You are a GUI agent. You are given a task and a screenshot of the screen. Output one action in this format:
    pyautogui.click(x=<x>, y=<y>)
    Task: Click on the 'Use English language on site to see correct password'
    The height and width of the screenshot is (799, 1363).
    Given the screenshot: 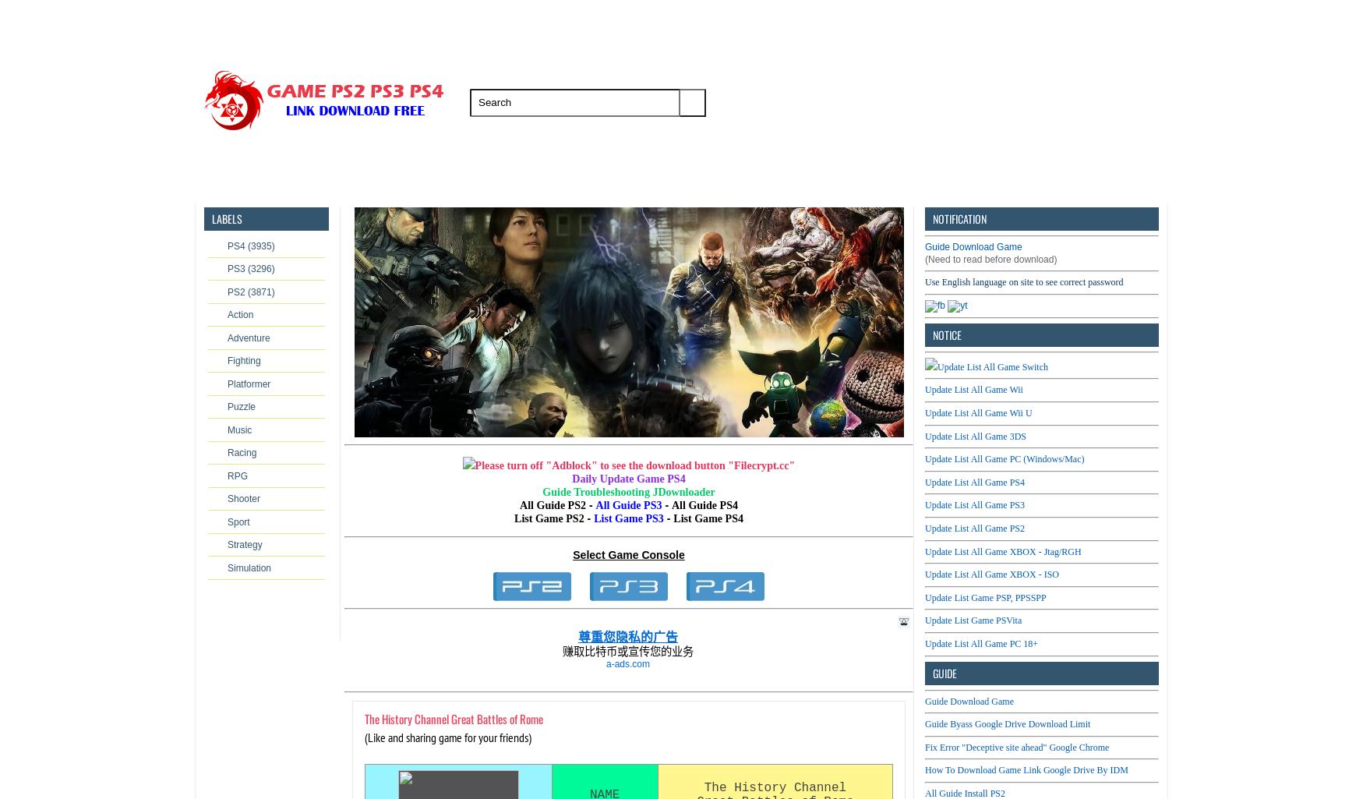 What is the action you would take?
    pyautogui.click(x=1024, y=281)
    